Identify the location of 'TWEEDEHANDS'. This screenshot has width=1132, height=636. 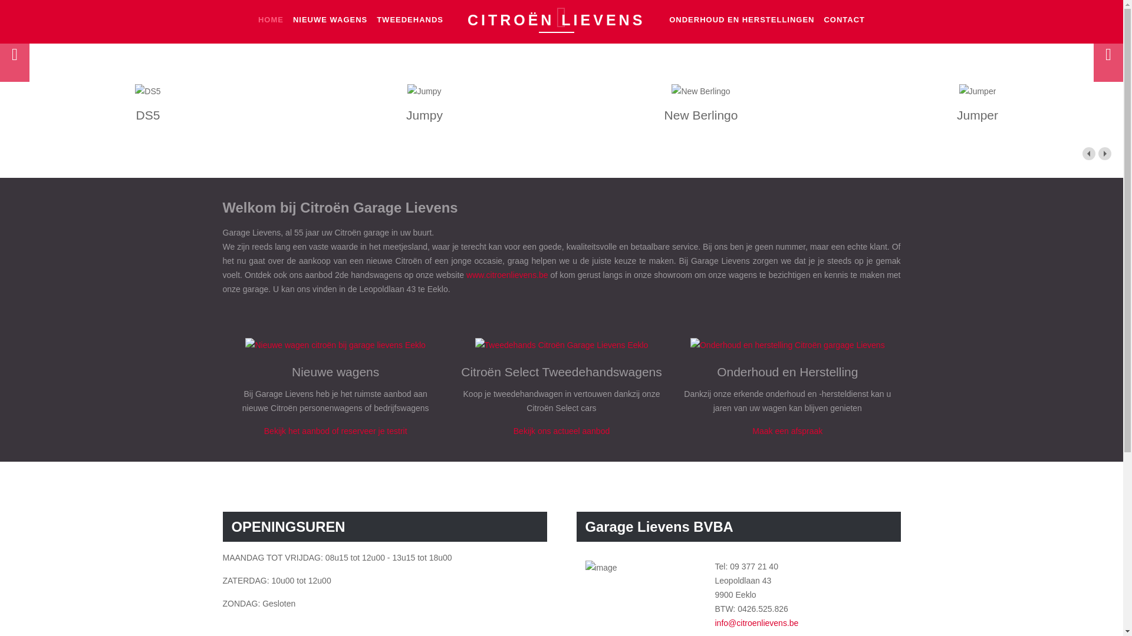
(410, 19).